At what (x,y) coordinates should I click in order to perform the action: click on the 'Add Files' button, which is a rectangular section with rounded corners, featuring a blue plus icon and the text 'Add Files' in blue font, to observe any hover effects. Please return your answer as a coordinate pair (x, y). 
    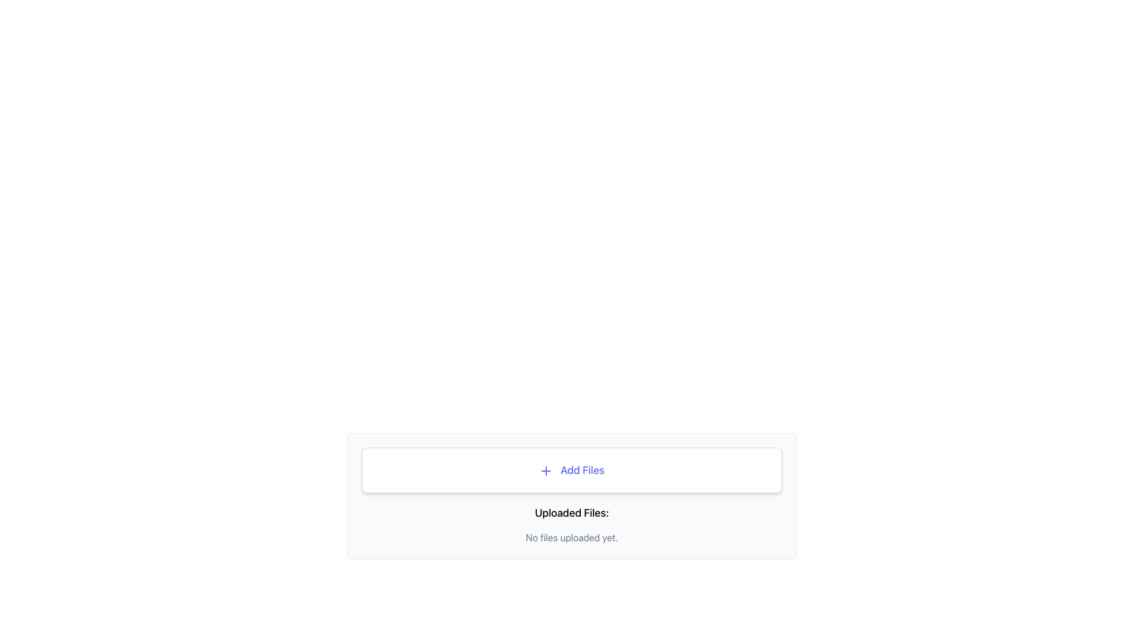
    Looking at the image, I should click on (572, 469).